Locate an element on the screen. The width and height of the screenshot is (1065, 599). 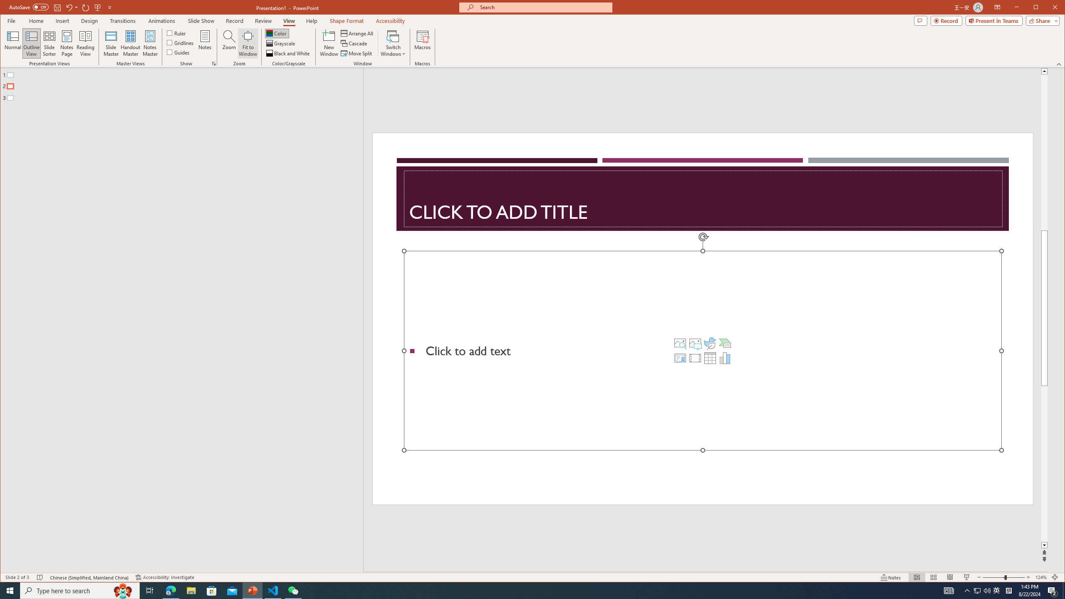
'Insert a SmartArt Graphic' is located at coordinates (725, 343).